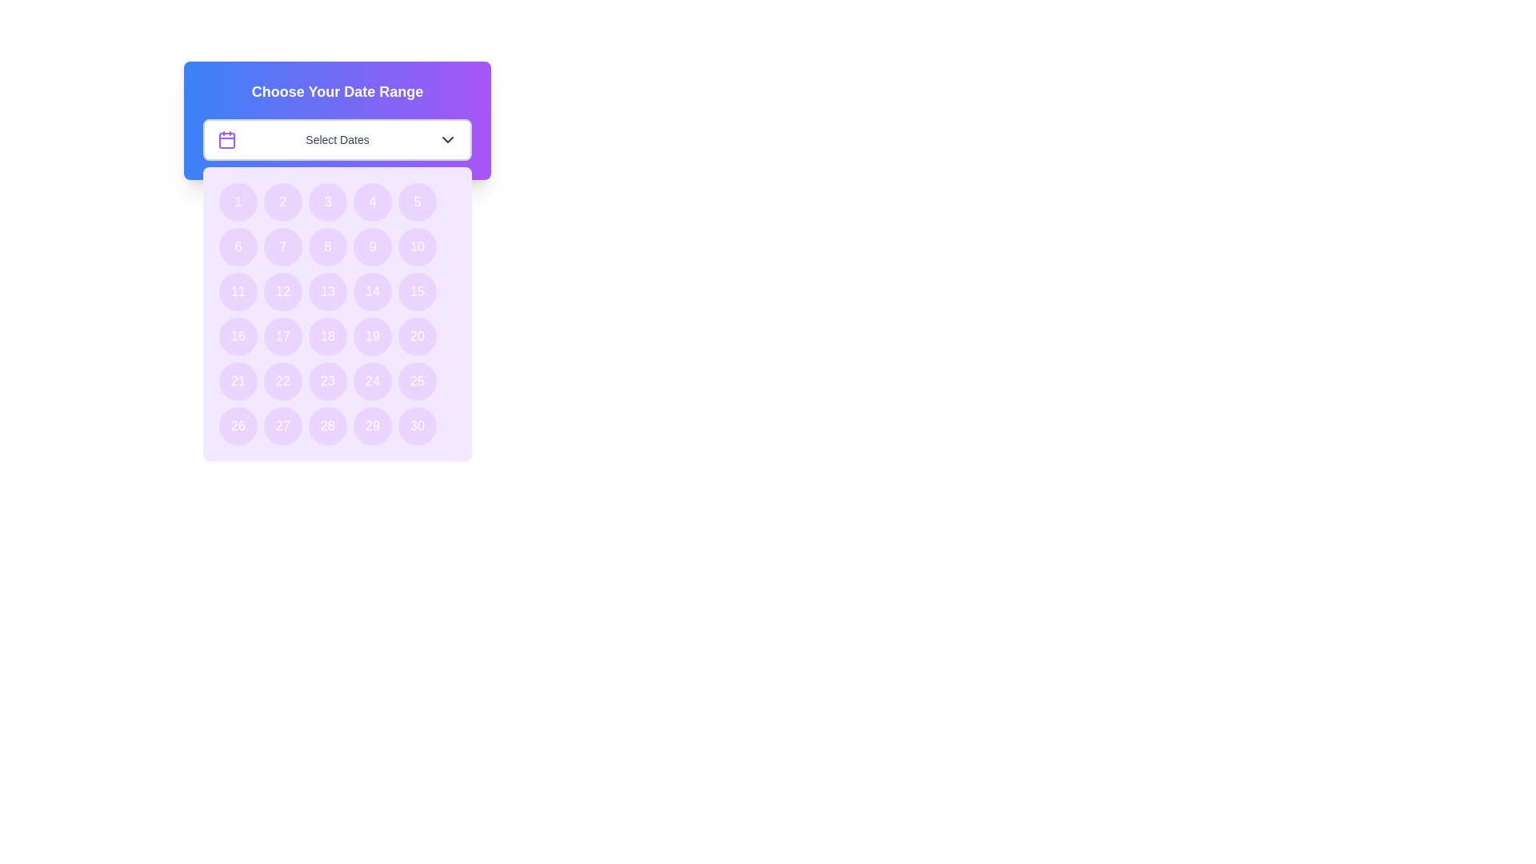 The height and width of the screenshot is (864, 1536). I want to click on the circular button with a light purple background and the white number '27' in its center, so click(283, 425).